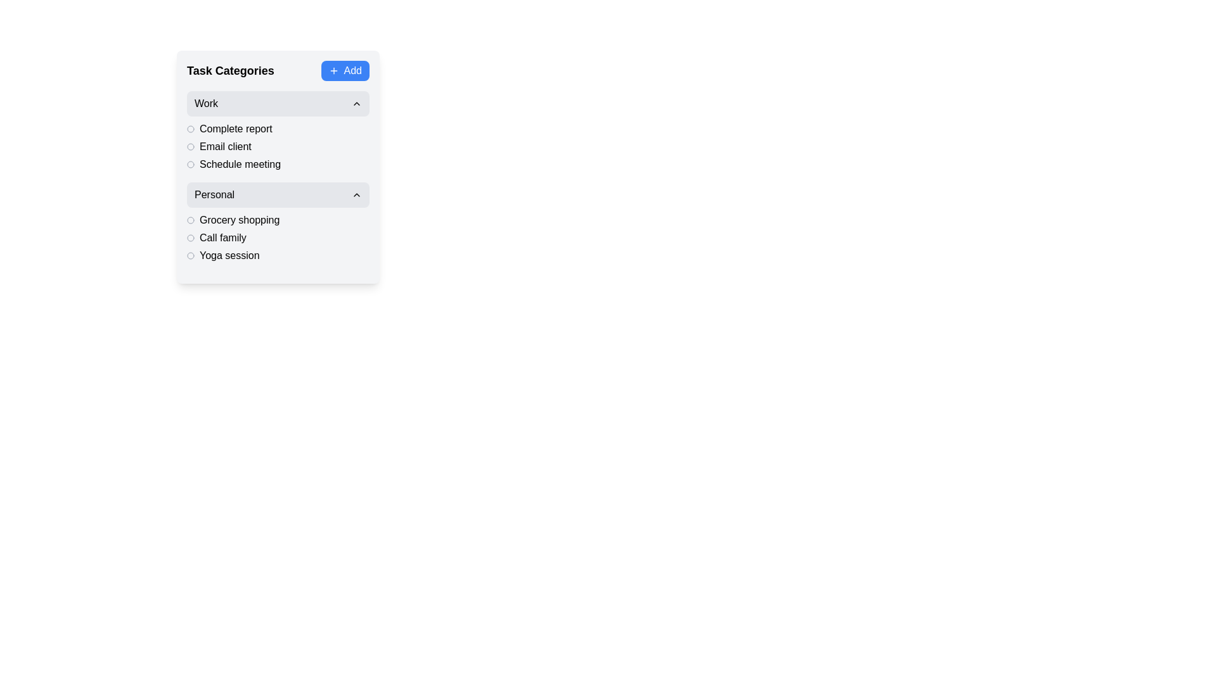  I want to click on the task item labeled 'Complete report' in the task management interface, which is the first item under the 'Work' category, so click(277, 129).